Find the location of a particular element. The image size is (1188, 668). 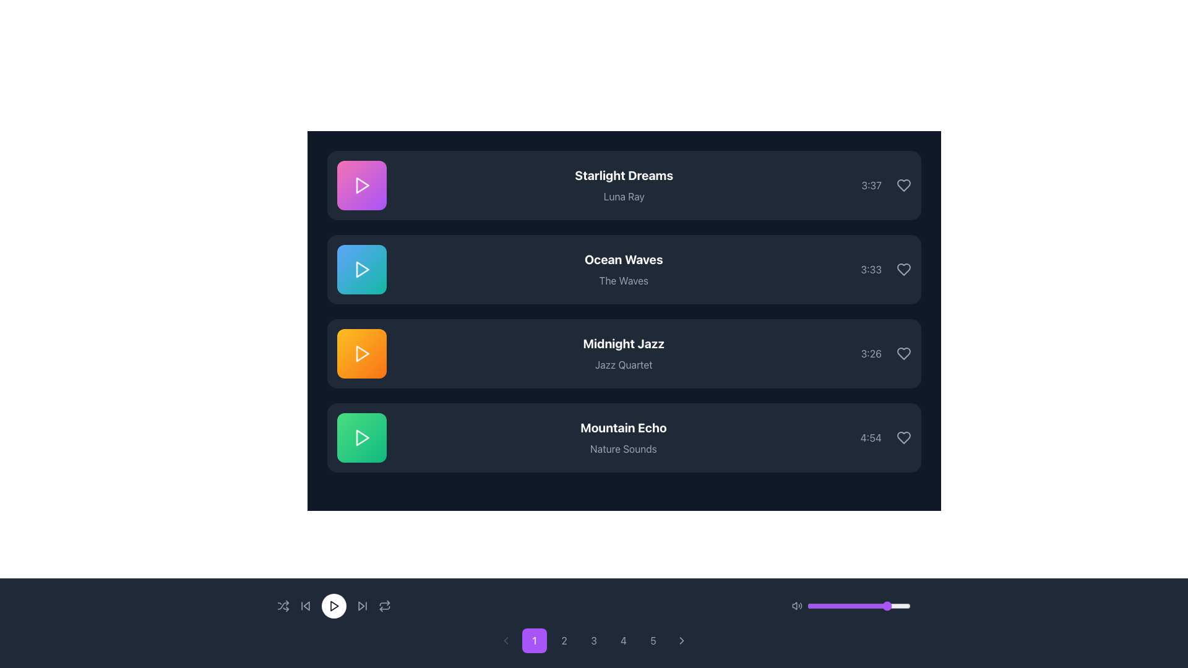

text element displaying secondary information below the main title 'Ocean Waves', which is part of the second track item in the list is located at coordinates (624, 281).